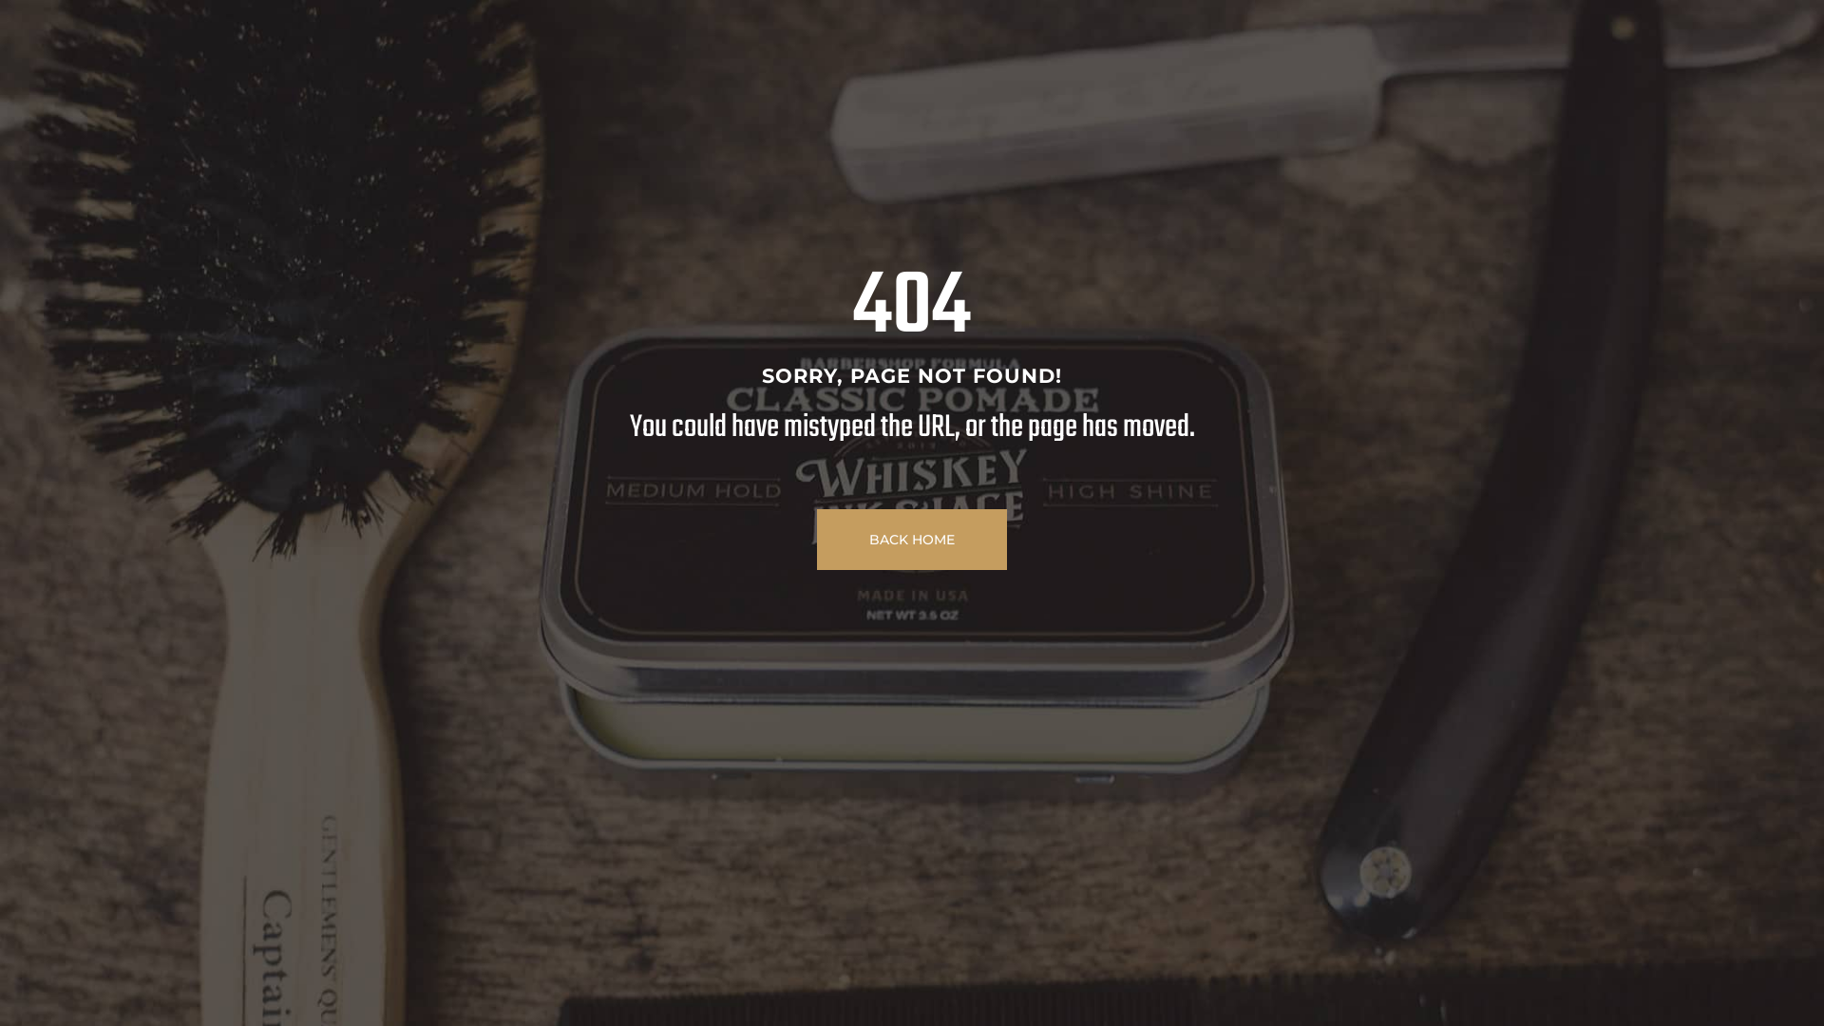 Image resolution: width=1824 pixels, height=1026 pixels. What do you see at coordinates (816, 539) in the screenshot?
I see `'BACK HOME'` at bounding box center [816, 539].